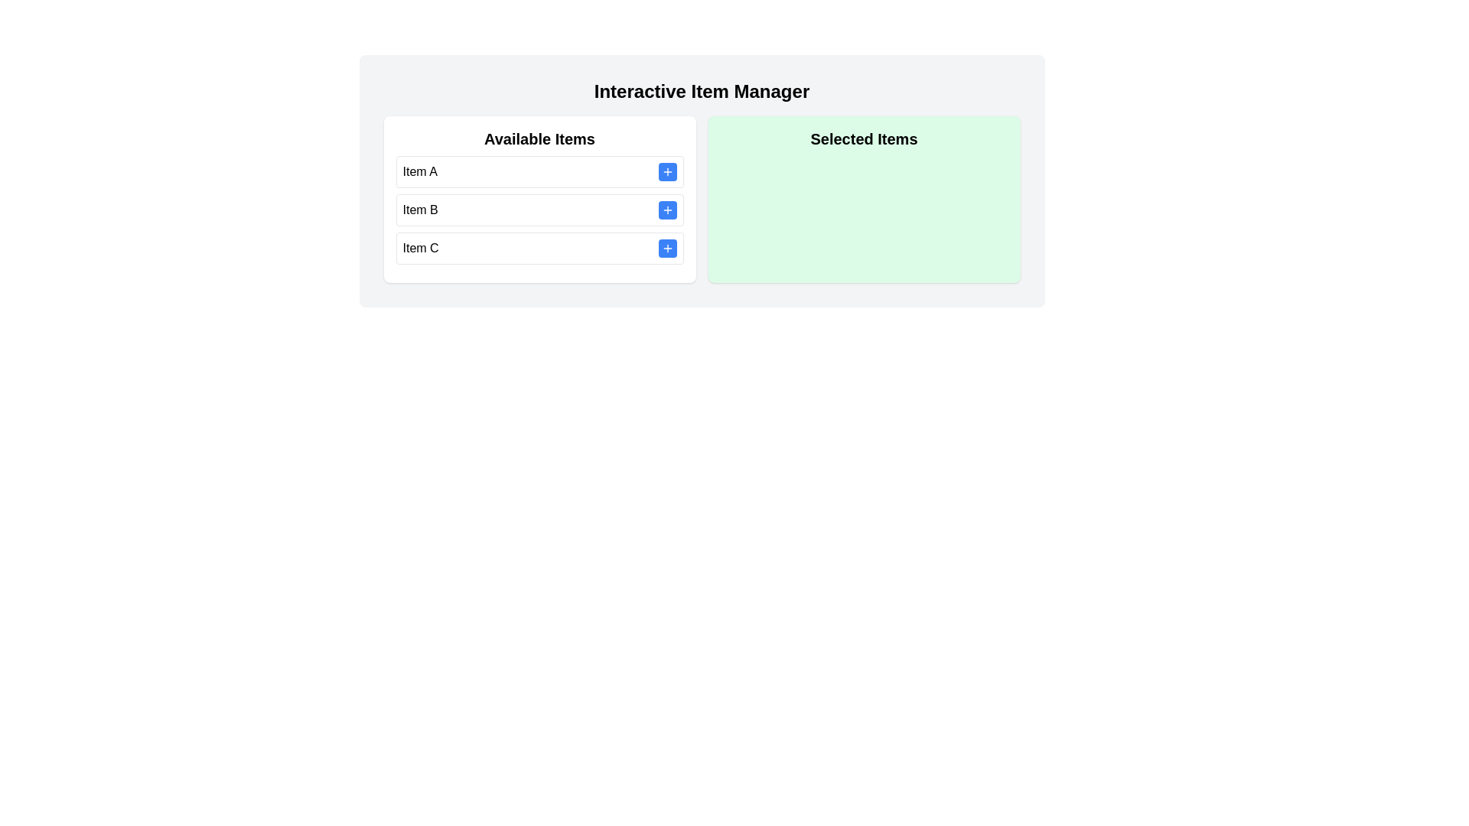 The width and height of the screenshot is (1469, 826). Describe the element at coordinates (420, 171) in the screenshot. I see `the text label displaying 'Item A', which is located in the left pane labeled 'Available Items', positioned above 'Item B' and aligned with a blue '+' button` at that location.